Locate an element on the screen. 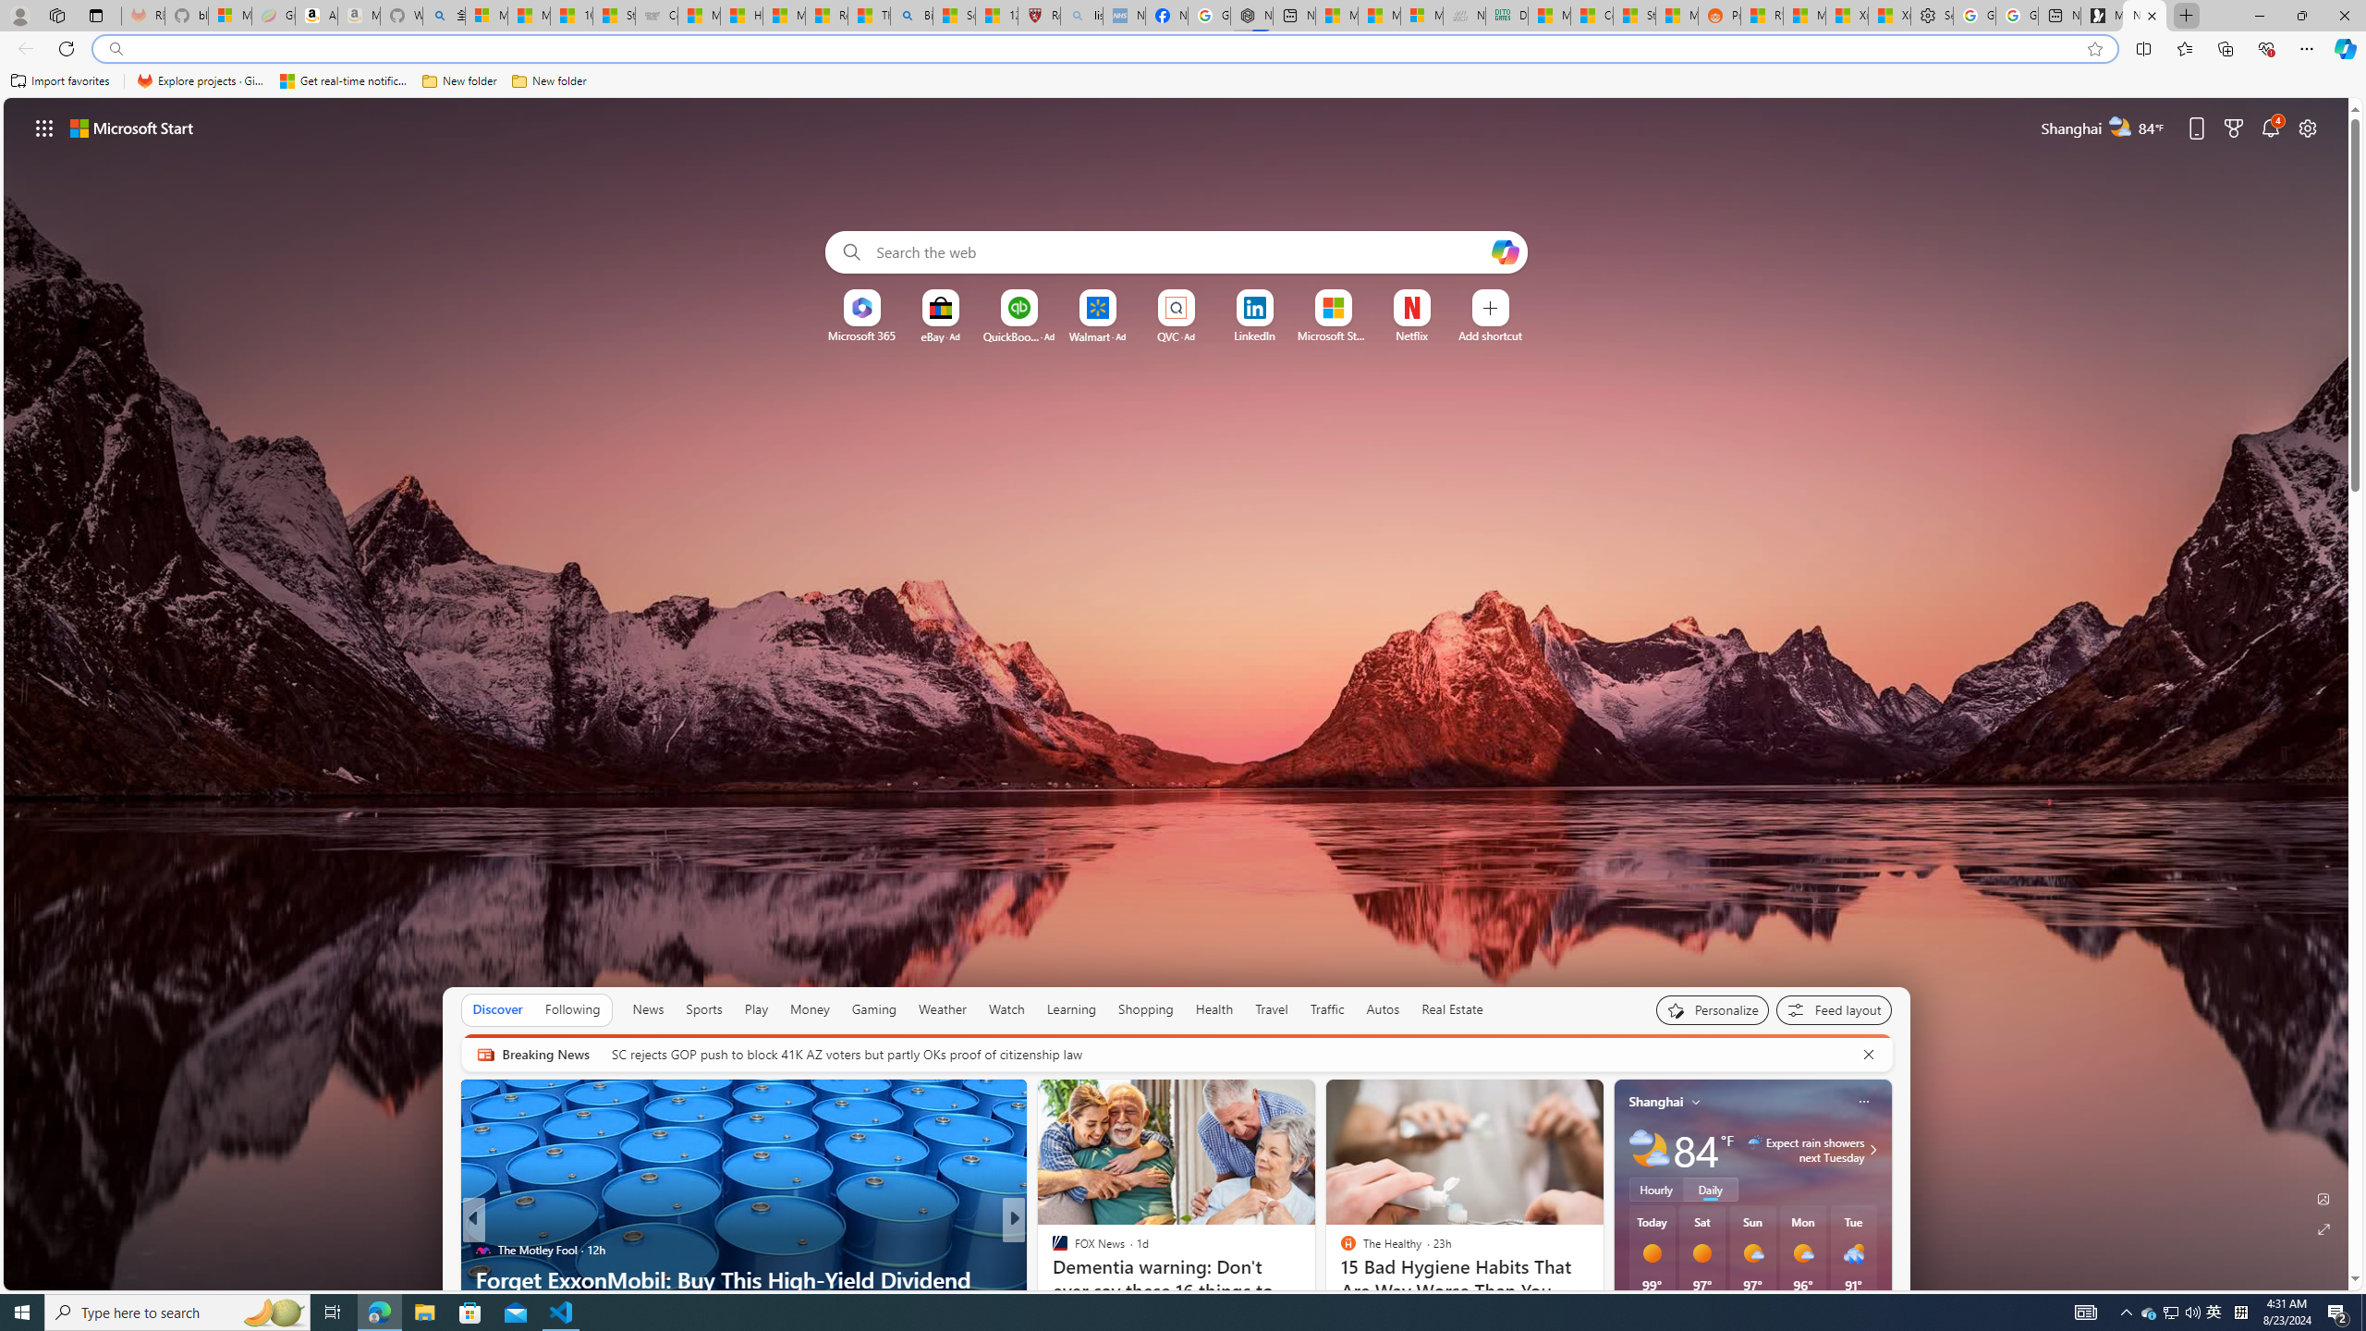 This screenshot has width=2366, height=1331. 'App launcher' is located at coordinates (44, 127).